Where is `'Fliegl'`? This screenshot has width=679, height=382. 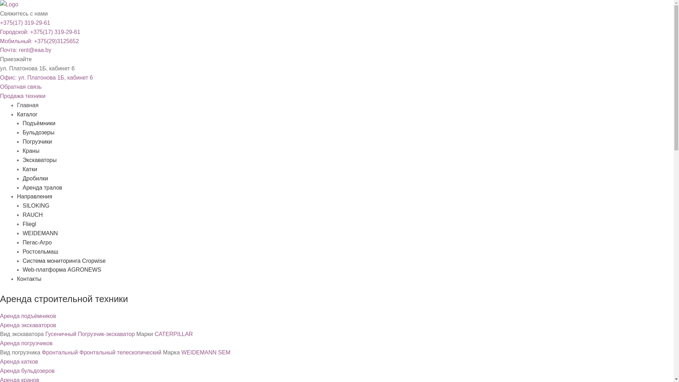
'Fliegl' is located at coordinates (29, 224).